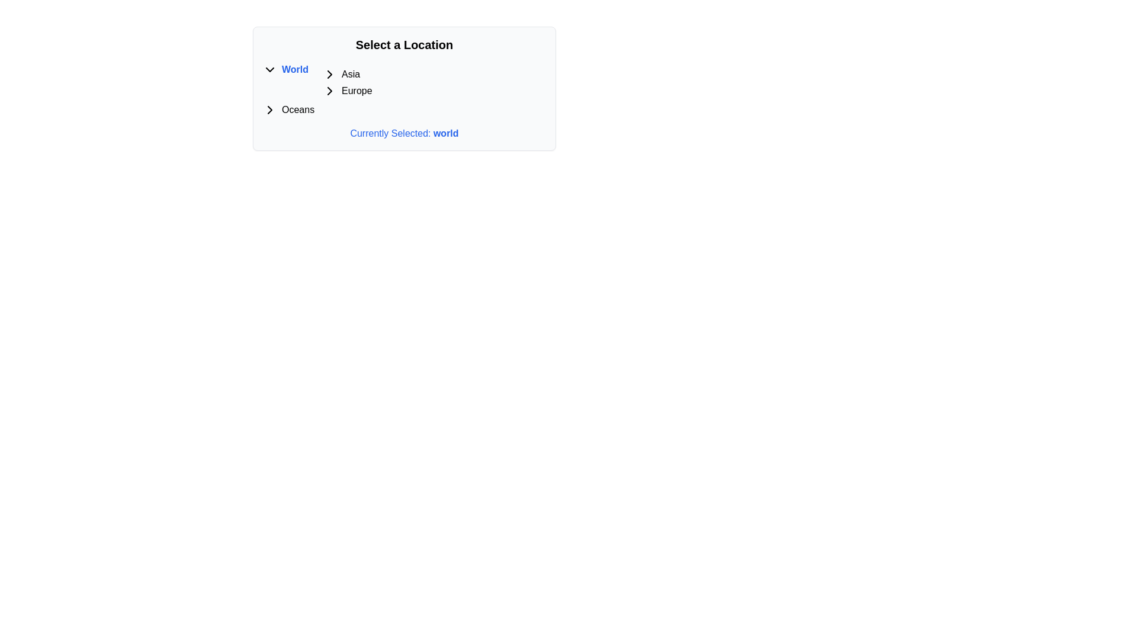  I want to click on the clickable text label representing the first item under the 'World' category, so click(346, 75).